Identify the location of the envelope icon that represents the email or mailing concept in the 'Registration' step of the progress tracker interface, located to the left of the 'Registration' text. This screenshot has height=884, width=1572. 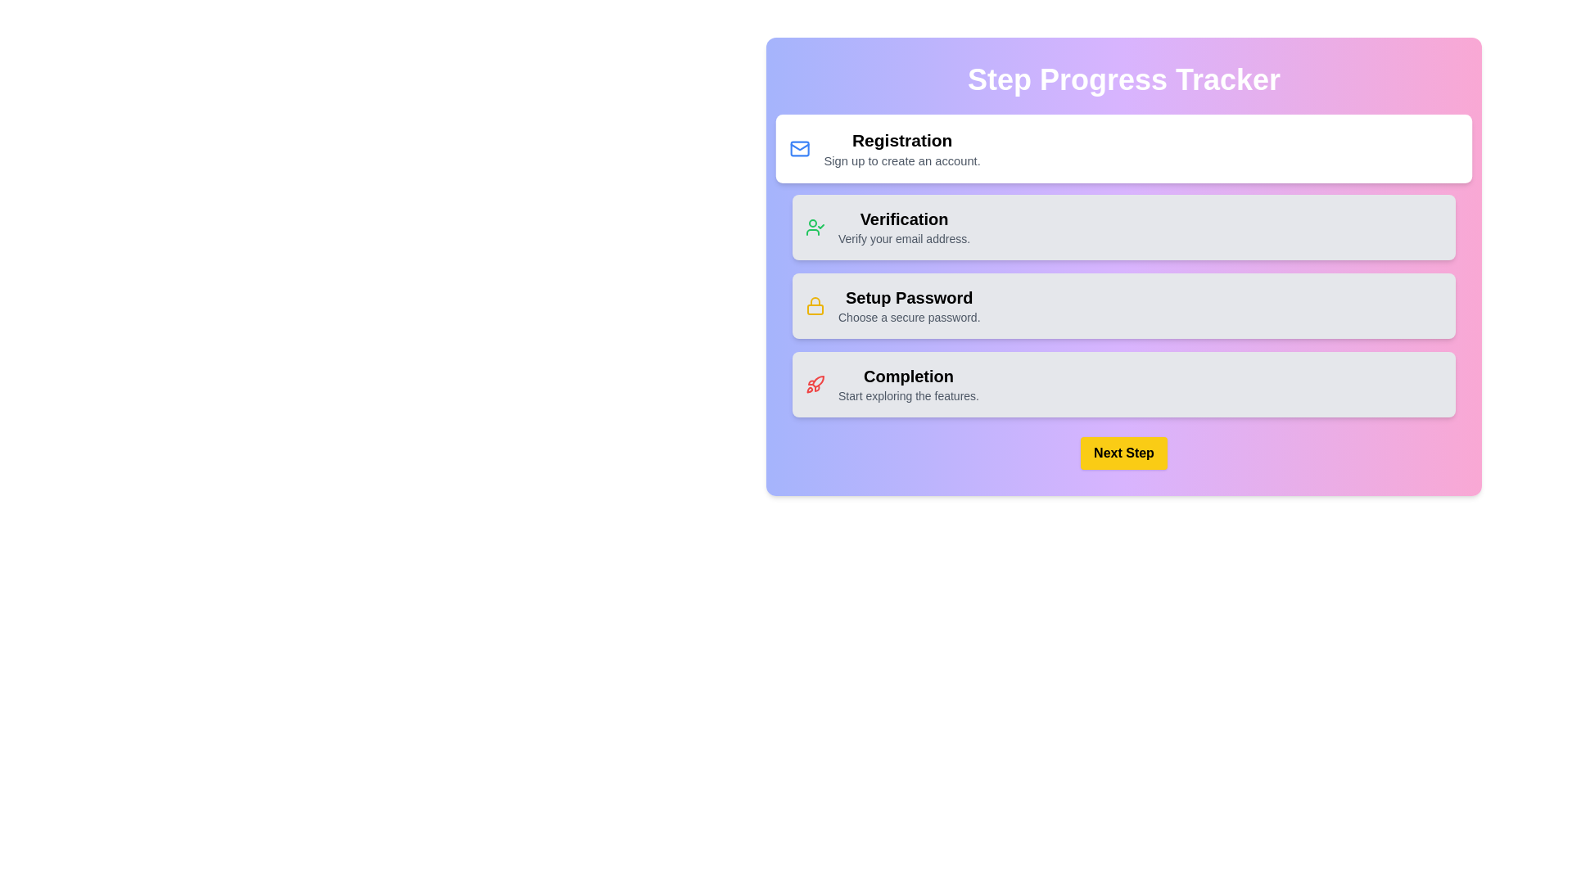
(800, 148).